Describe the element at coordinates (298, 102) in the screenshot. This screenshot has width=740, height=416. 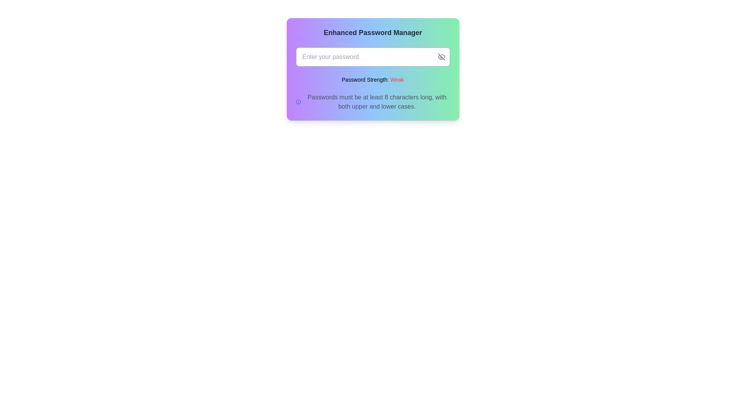
I see `the primary circular shape of the graphical icon, which is part of a larger symbol located to the left of the password rule description text box` at that location.